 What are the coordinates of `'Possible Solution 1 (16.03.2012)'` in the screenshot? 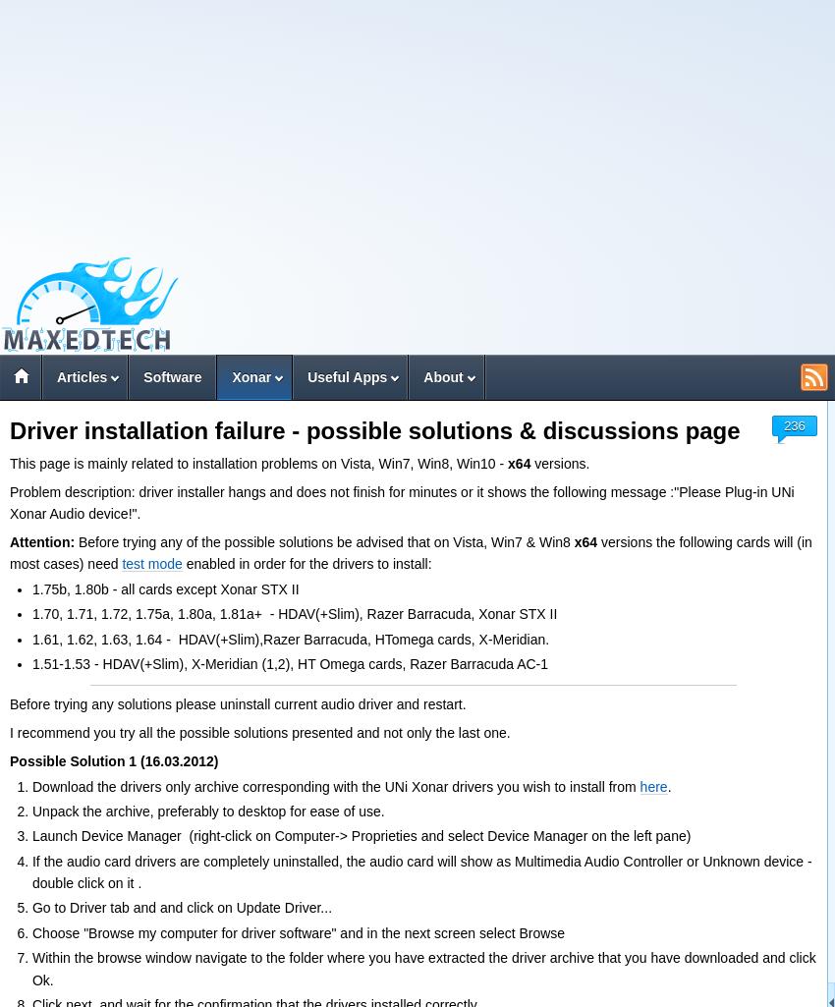 It's located at (113, 759).